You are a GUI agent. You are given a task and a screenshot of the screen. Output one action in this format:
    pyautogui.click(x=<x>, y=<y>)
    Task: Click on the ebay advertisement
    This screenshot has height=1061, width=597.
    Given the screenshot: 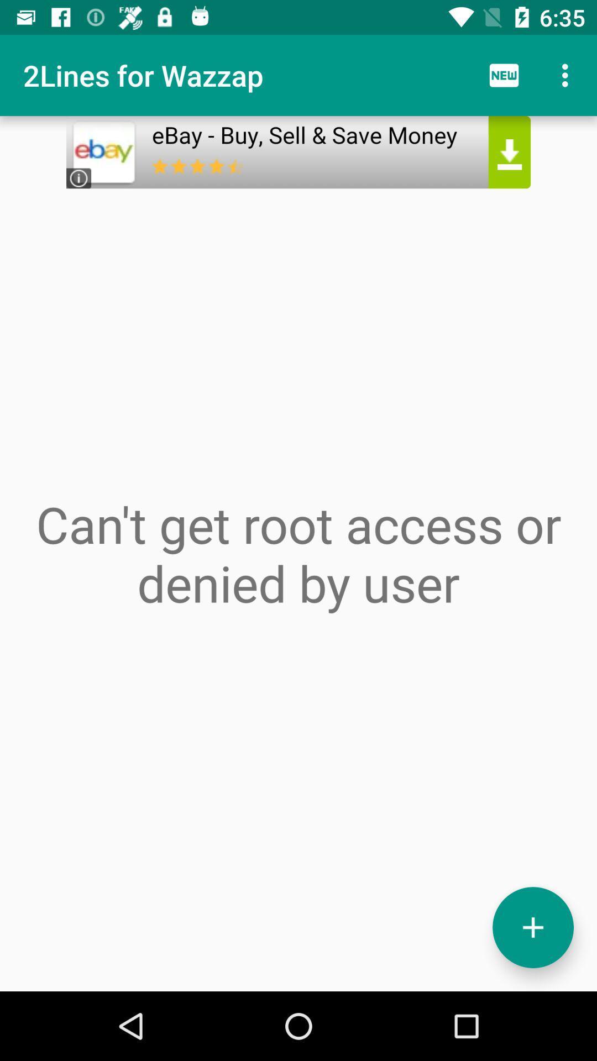 What is the action you would take?
    pyautogui.click(x=298, y=151)
    